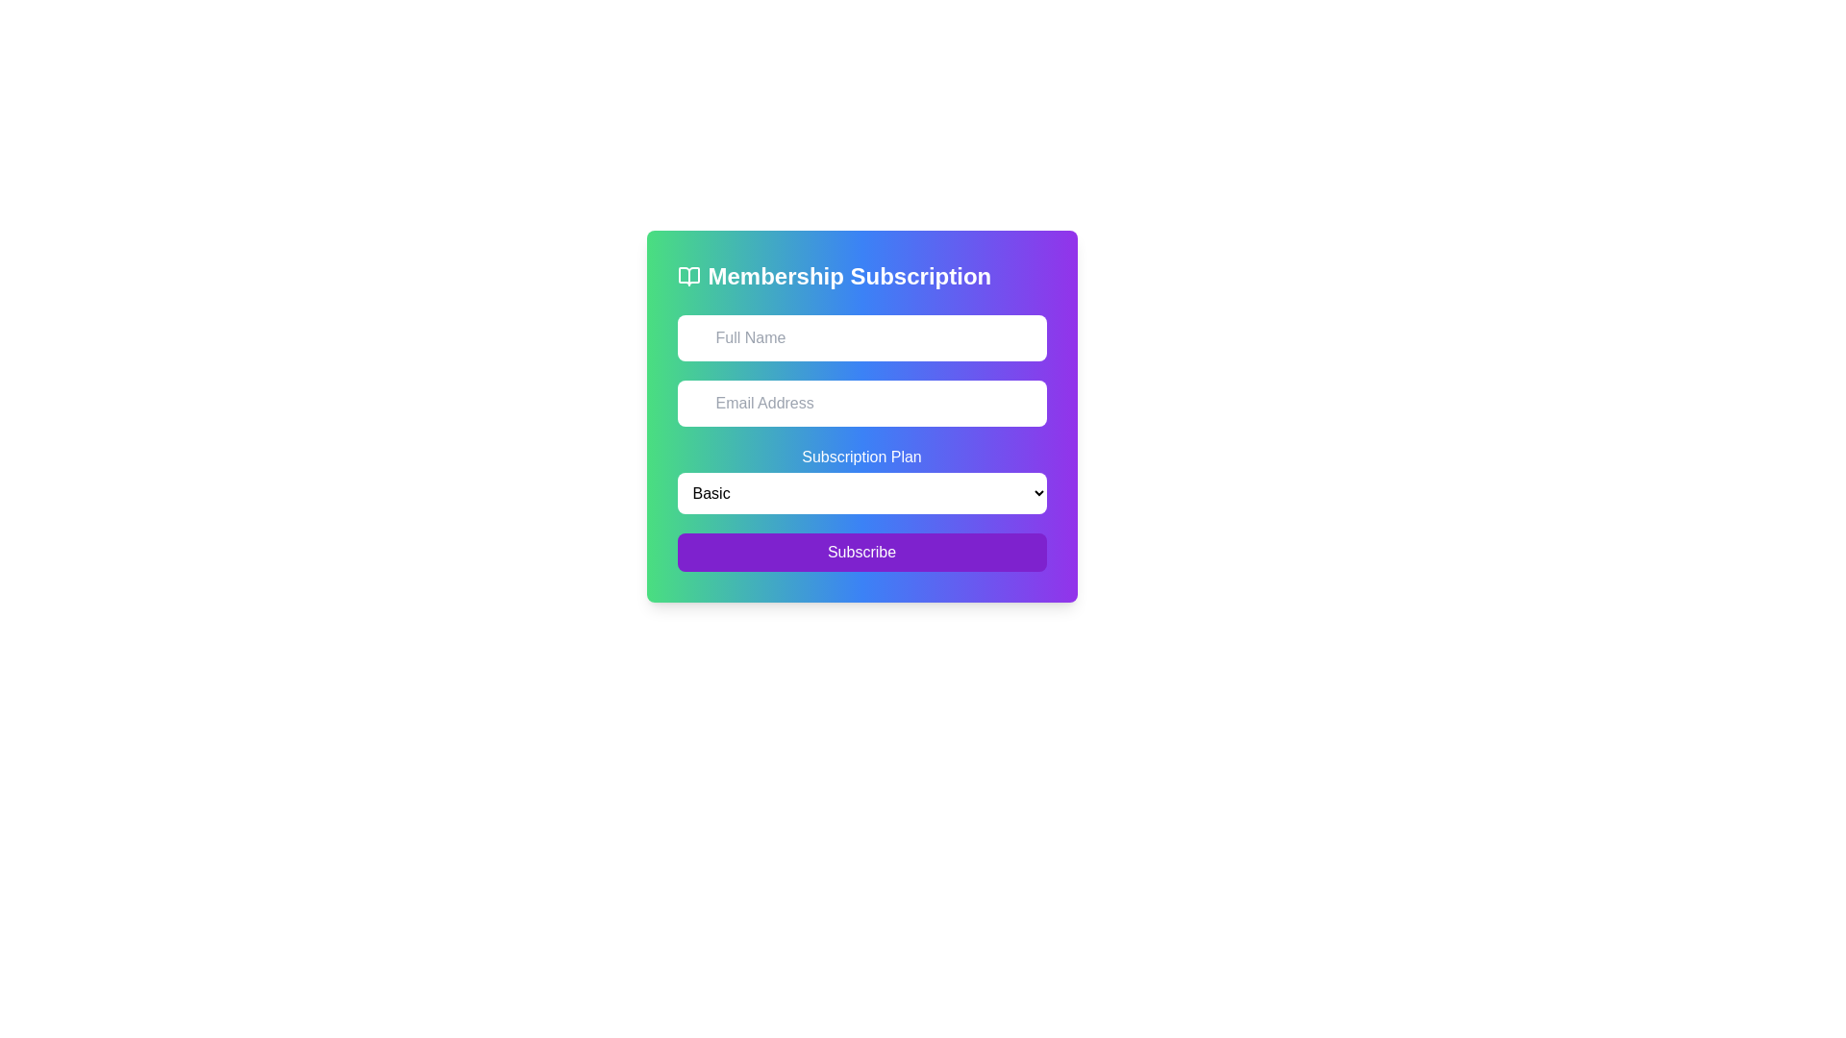 The width and height of the screenshot is (1846, 1038). What do you see at coordinates (861, 479) in the screenshot?
I see `an option from the 'Membership Subscription' dropdown menu located beneath the 'Email Address' input field and above the 'Subscribe' button` at bounding box center [861, 479].